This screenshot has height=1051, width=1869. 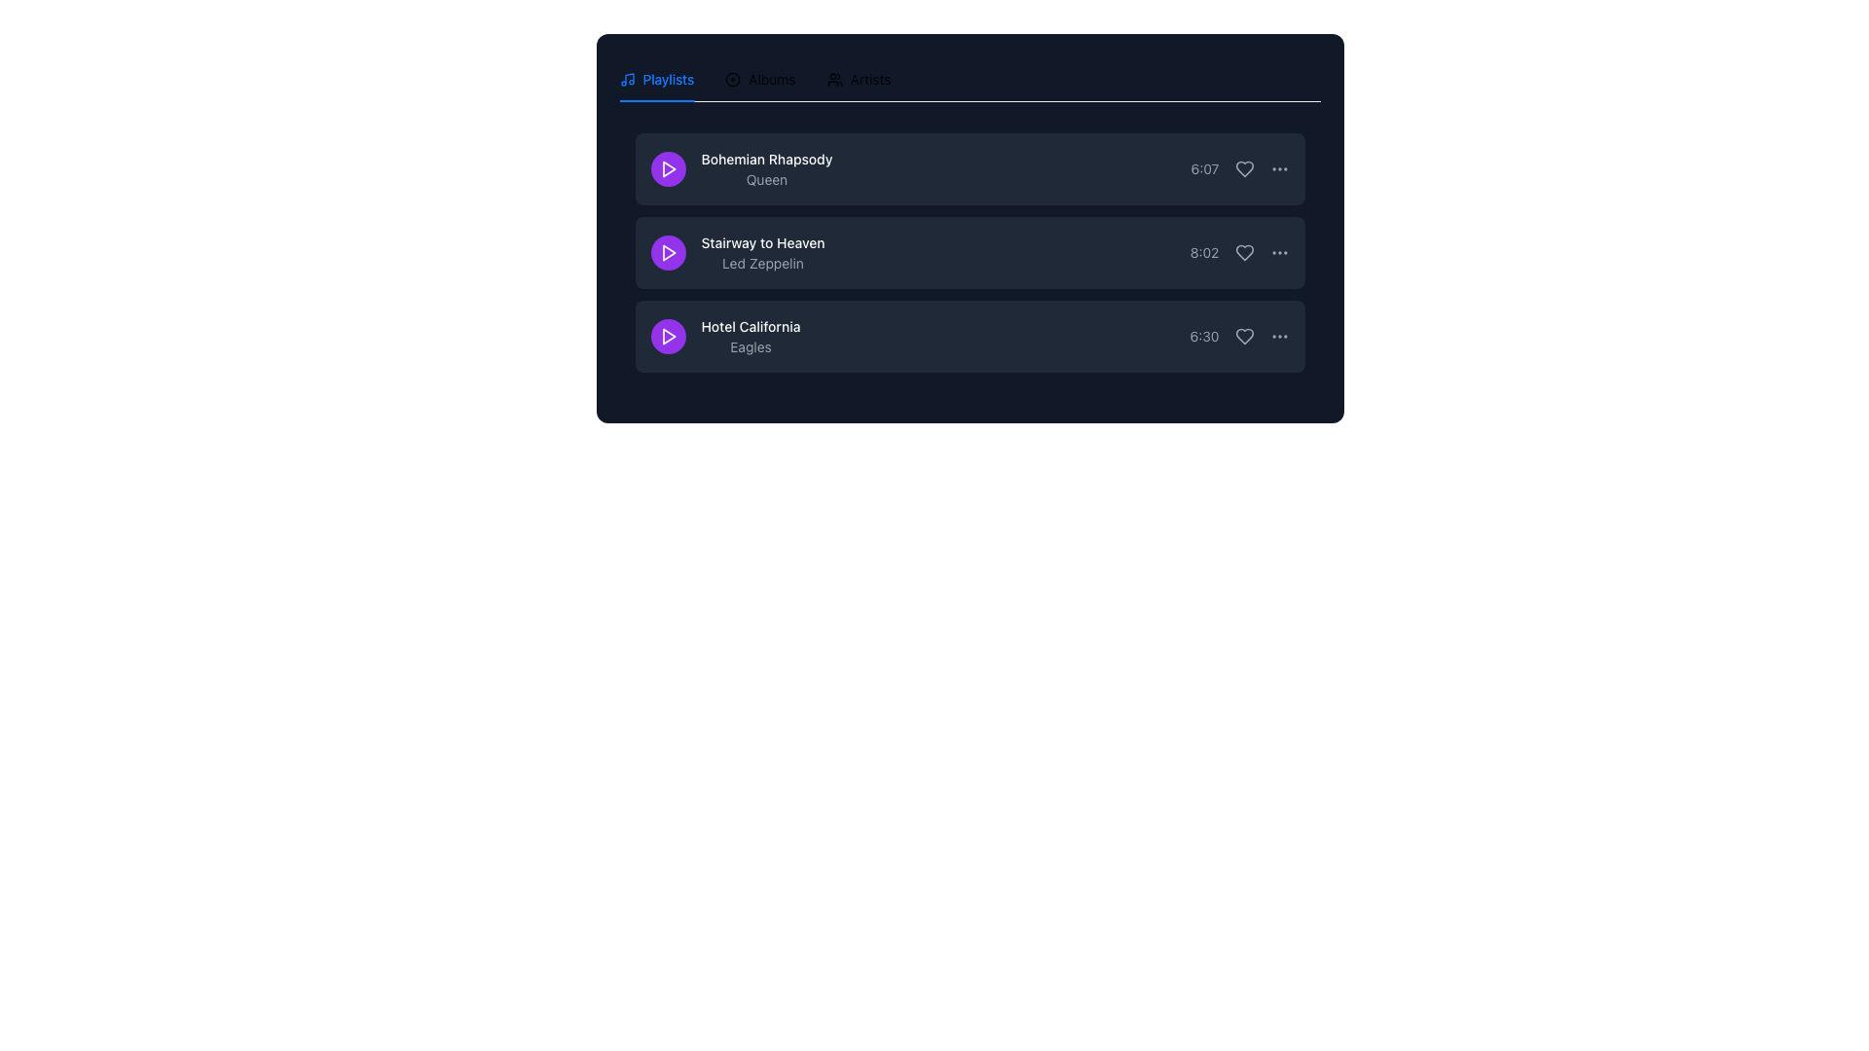 What do you see at coordinates (668, 336) in the screenshot?
I see `the play button for the song 'Hotel California' by 'Eagles'` at bounding box center [668, 336].